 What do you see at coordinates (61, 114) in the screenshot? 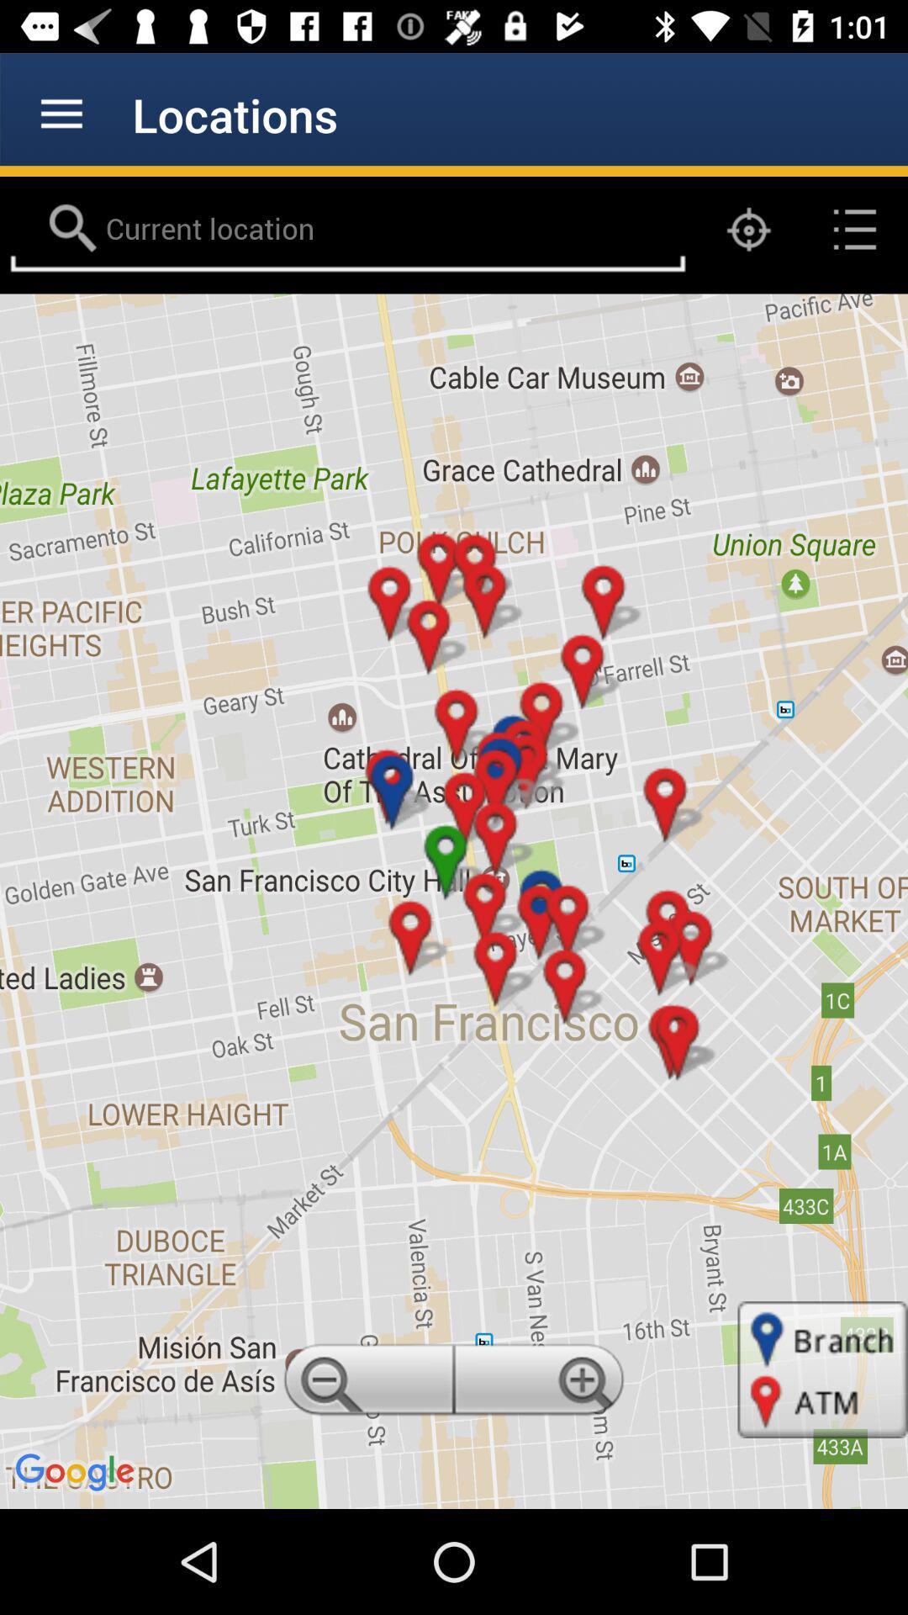
I see `app next to the locations` at bounding box center [61, 114].